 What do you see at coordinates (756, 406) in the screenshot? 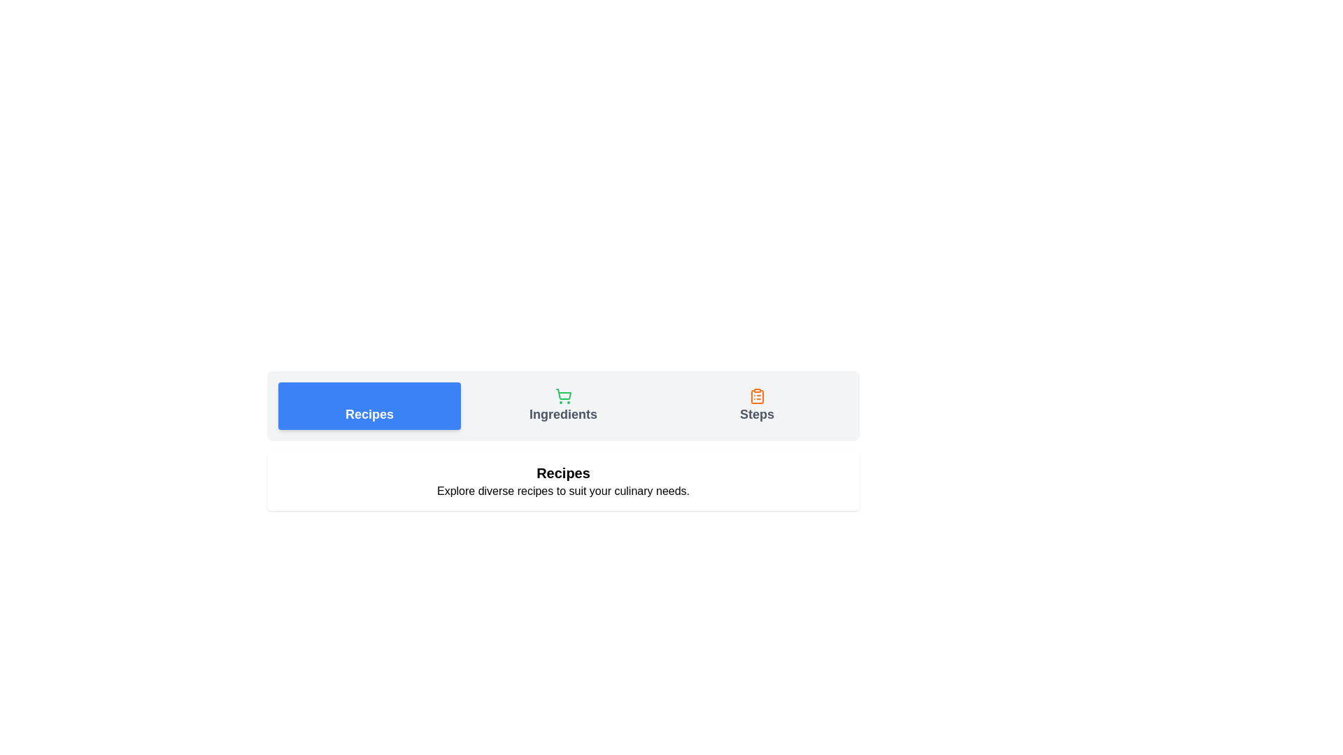
I see `the Steps tab` at bounding box center [756, 406].